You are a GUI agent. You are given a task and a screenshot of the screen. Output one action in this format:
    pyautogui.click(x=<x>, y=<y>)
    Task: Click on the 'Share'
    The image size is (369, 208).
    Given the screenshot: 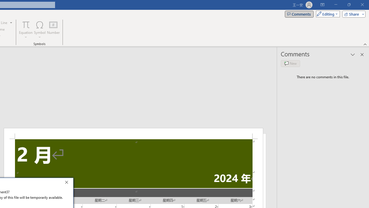 What is the action you would take?
    pyautogui.click(x=352, y=14)
    